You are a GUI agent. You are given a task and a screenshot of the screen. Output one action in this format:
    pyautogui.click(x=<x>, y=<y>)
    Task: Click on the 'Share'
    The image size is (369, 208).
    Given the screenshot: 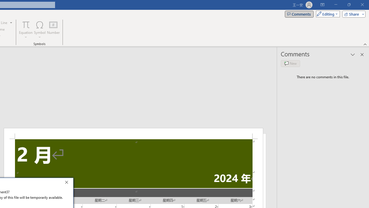 What is the action you would take?
    pyautogui.click(x=352, y=14)
    